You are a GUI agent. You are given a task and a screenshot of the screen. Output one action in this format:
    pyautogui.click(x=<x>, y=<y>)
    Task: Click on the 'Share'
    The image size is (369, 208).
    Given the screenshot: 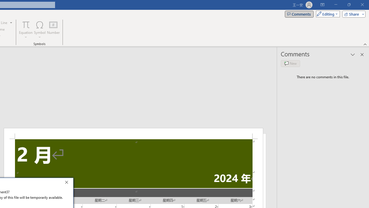 What is the action you would take?
    pyautogui.click(x=352, y=14)
    